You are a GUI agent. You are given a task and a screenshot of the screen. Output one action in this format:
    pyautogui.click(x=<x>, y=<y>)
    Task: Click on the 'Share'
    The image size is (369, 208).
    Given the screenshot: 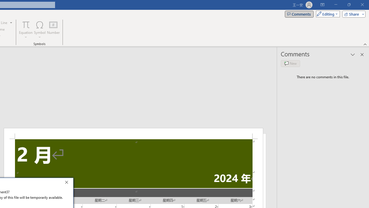 What is the action you would take?
    pyautogui.click(x=352, y=14)
    